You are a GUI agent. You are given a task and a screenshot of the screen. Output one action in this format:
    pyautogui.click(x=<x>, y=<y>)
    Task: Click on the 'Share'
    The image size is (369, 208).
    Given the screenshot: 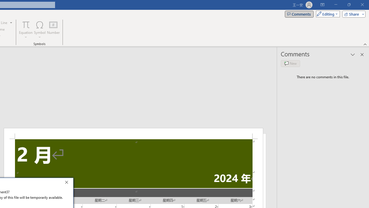 What is the action you would take?
    pyautogui.click(x=352, y=14)
    